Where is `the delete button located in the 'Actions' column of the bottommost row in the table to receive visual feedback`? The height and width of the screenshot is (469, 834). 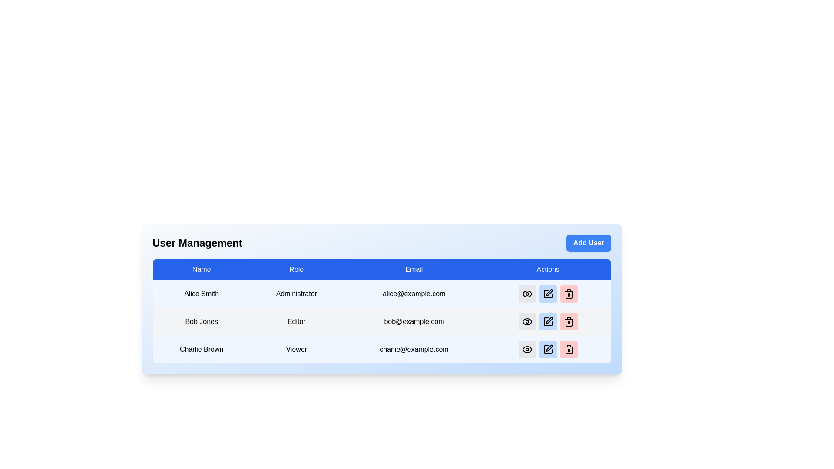 the delete button located in the 'Actions' column of the bottommost row in the table to receive visual feedback is located at coordinates (569, 349).